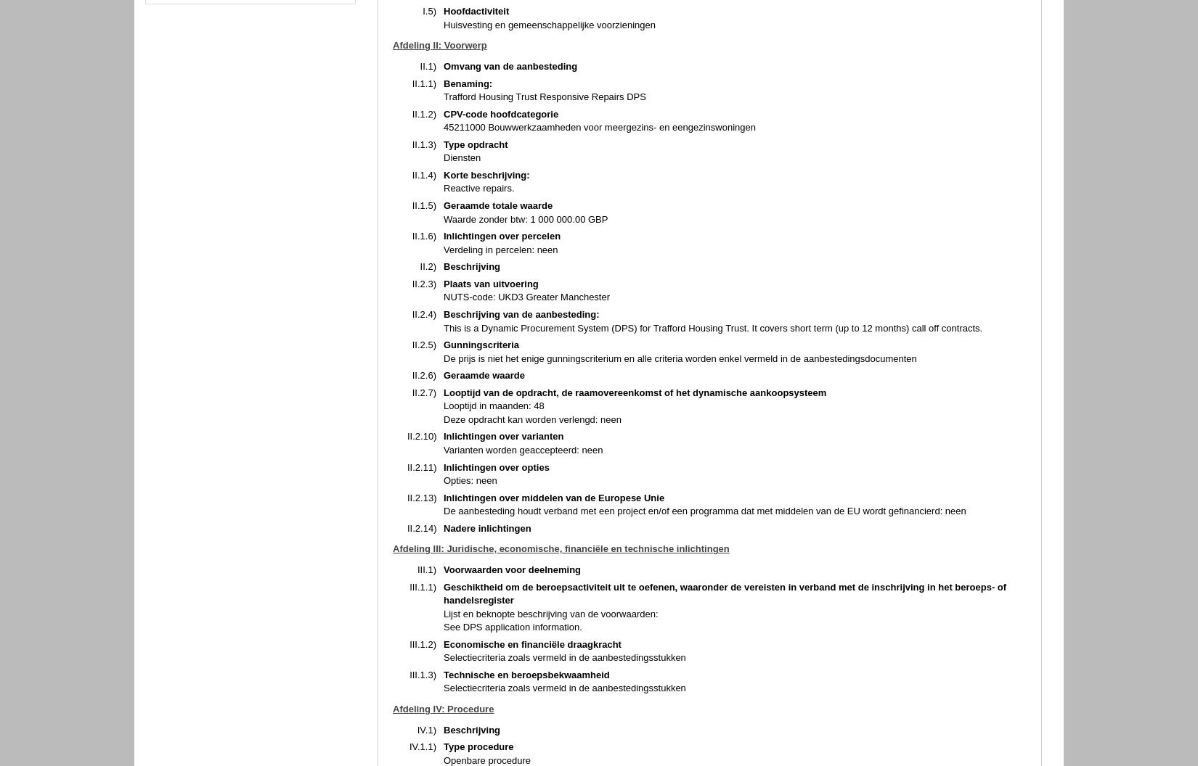 This screenshot has height=766, width=1198. What do you see at coordinates (588, 358) in the screenshot?
I see `'https://www.mytenders.co.uk/Search/Search_Switch.aspx?ID=213832'` at bounding box center [588, 358].